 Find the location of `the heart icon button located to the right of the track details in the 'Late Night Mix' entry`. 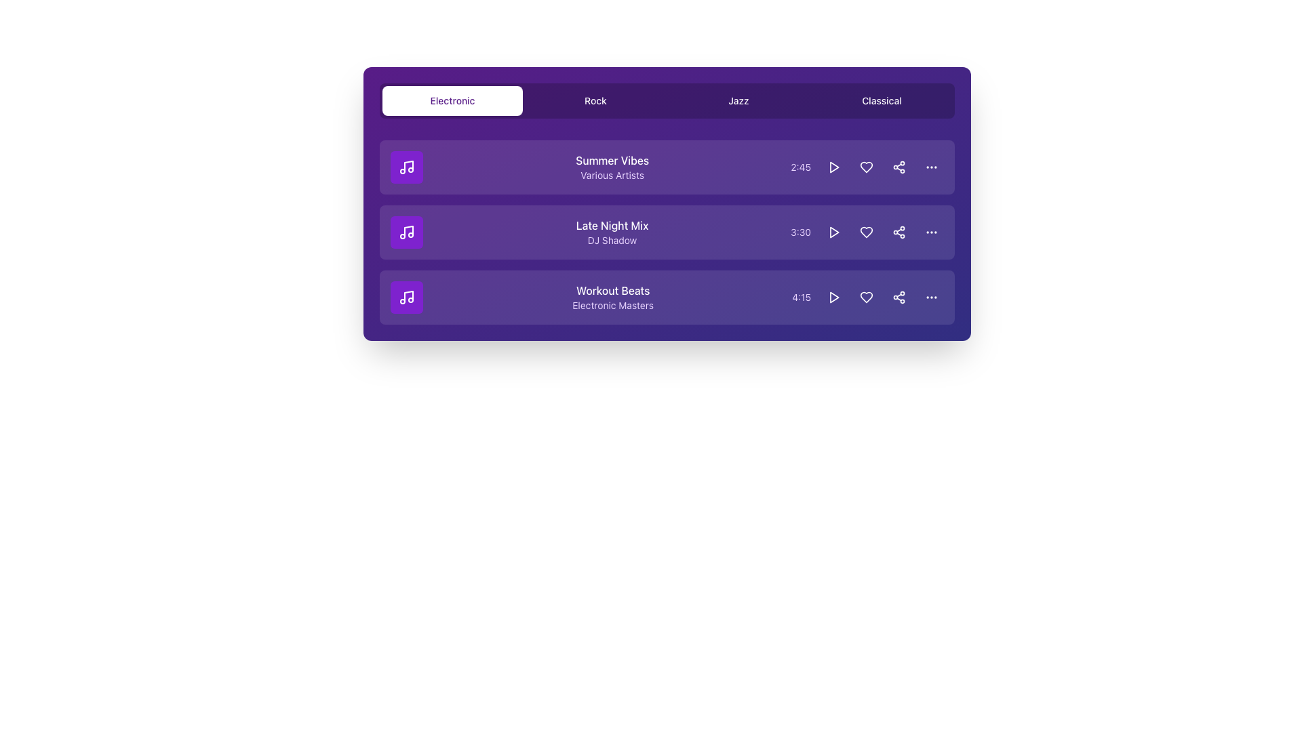

the heart icon button located to the right of the track details in the 'Late Night Mix' entry is located at coordinates (865, 232).